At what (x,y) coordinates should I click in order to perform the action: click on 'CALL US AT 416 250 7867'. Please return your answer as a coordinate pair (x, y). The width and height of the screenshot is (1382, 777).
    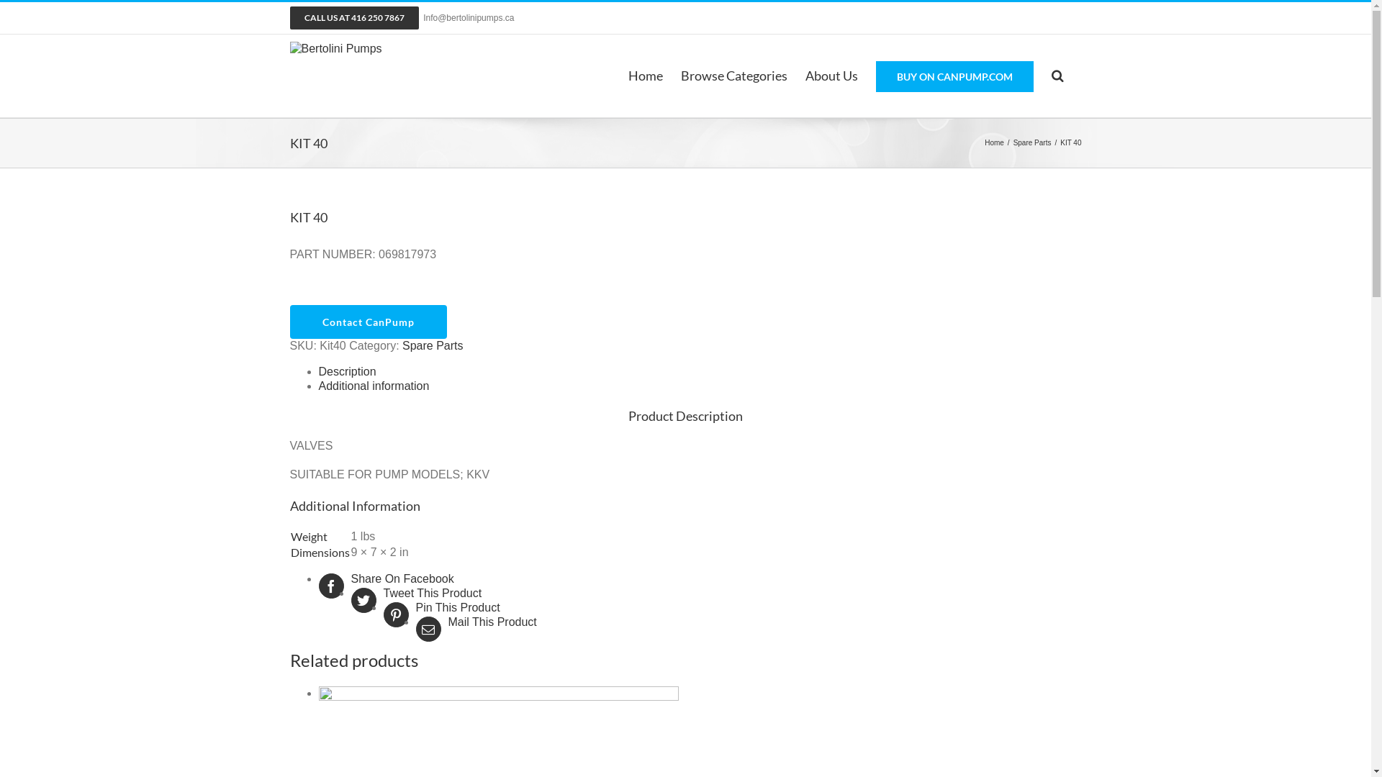
    Looking at the image, I should click on (289, 17).